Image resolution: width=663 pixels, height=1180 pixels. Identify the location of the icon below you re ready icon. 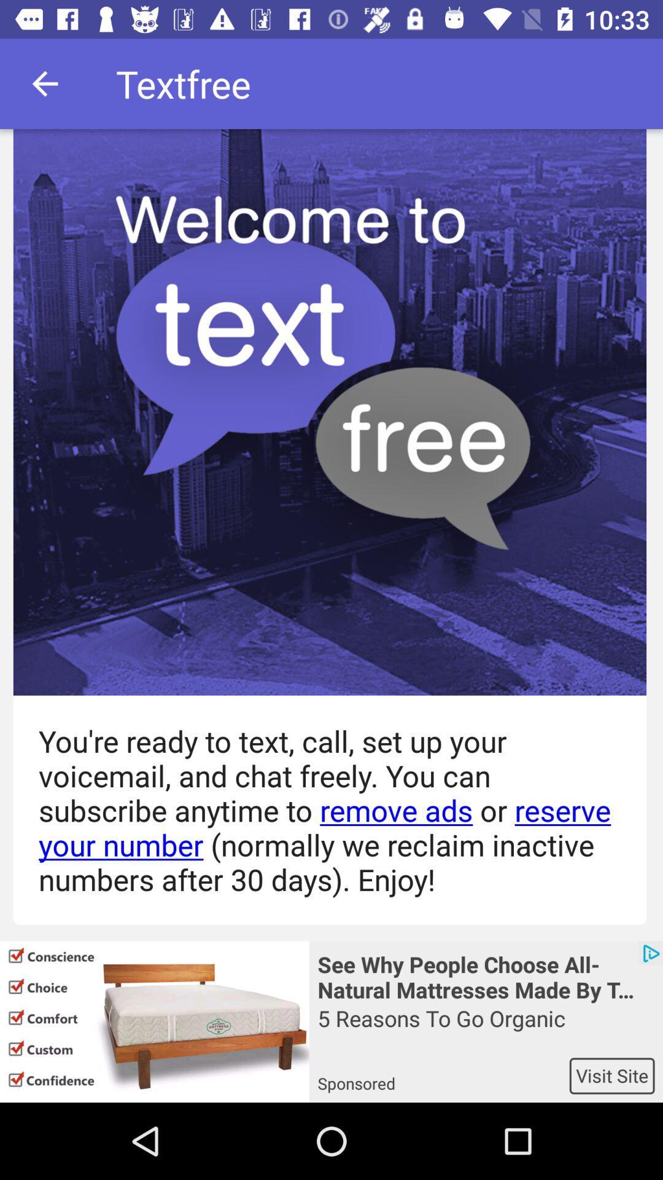
(153, 1021).